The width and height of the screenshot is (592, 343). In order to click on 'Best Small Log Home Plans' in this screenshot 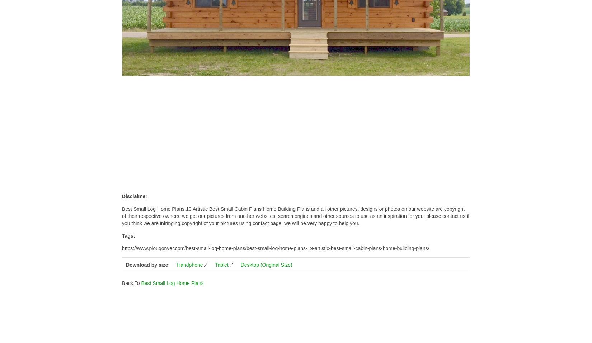, I will do `click(172, 282)`.